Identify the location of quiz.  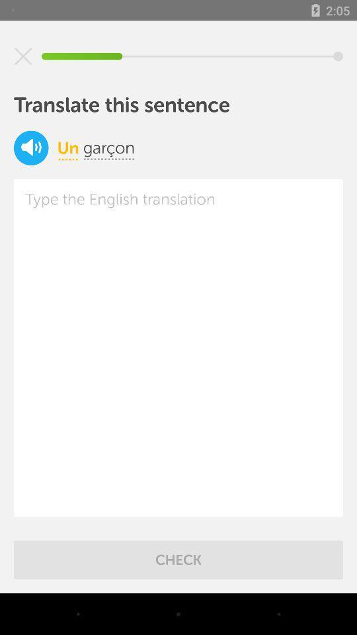
(23, 56).